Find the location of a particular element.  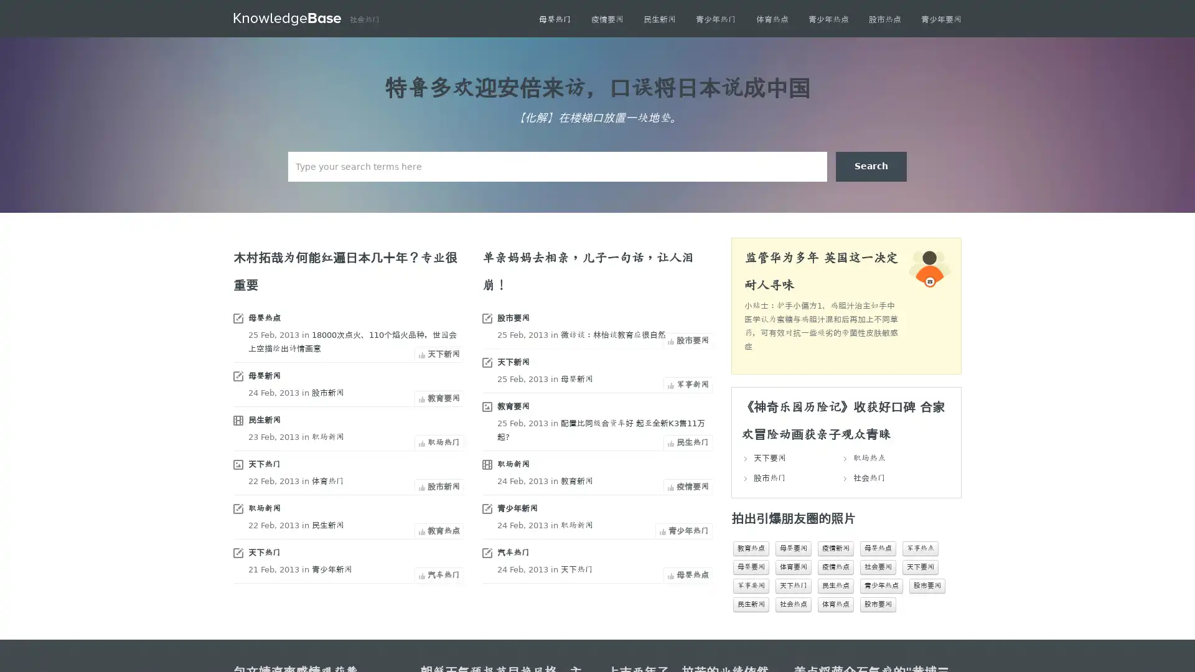

Search is located at coordinates (871, 166).